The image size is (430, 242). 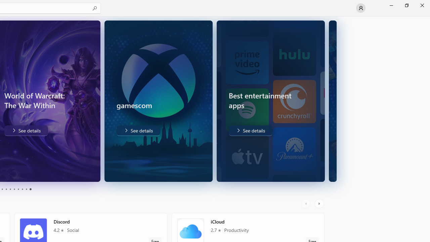 What do you see at coordinates (360, 8) in the screenshot?
I see `'User profile'` at bounding box center [360, 8].